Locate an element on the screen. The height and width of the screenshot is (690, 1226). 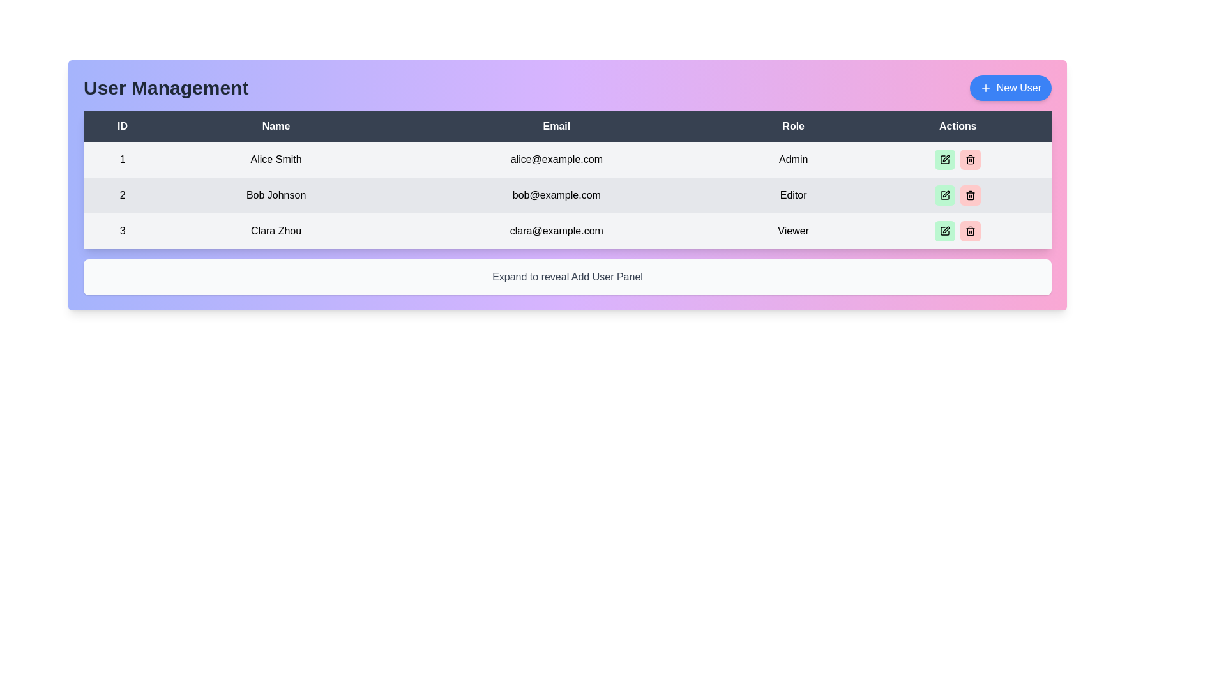
the Information label or collapsible panel trigger located beneath the user information table, which indicates an expandable section for adding users is located at coordinates (566, 277).